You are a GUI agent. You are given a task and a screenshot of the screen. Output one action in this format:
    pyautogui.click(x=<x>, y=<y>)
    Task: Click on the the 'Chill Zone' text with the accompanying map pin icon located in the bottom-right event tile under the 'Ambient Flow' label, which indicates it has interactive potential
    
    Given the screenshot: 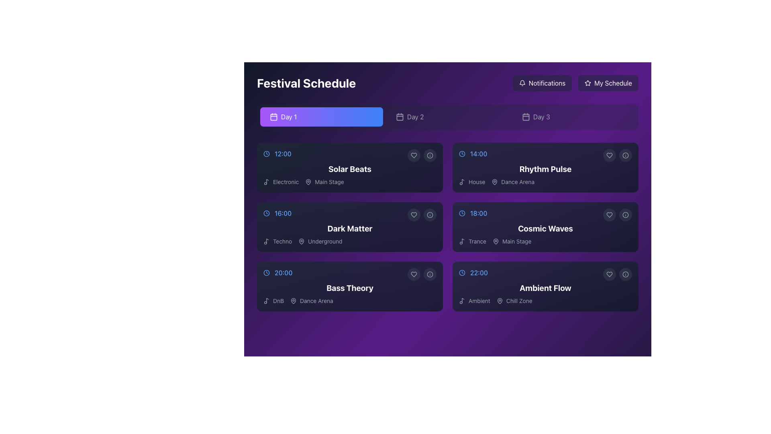 What is the action you would take?
    pyautogui.click(x=514, y=301)
    